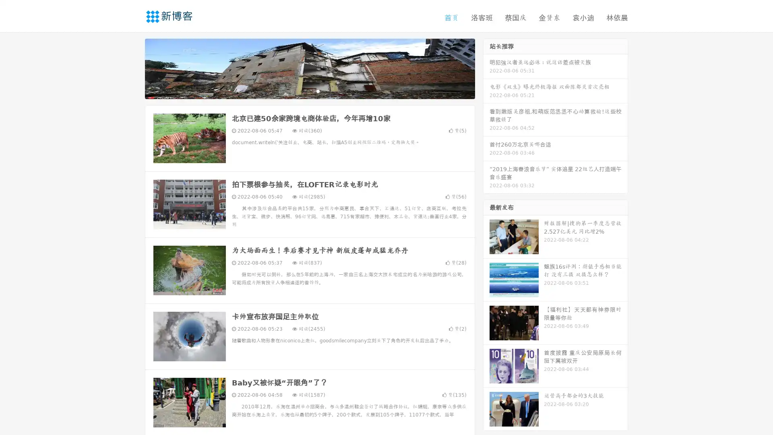 The height and width of the screenshot is (435, 773). I want to click on Go to slide 2, so click(309, 91).